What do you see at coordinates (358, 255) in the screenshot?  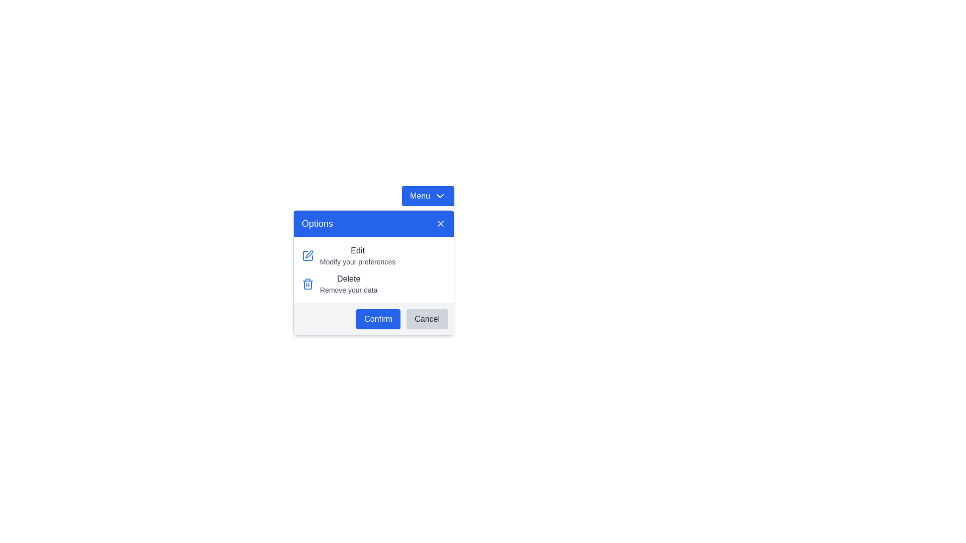 I see `the text label for modifying or editing preferences located in the 'Options' modal dialog` at bounding box center [358, 255].